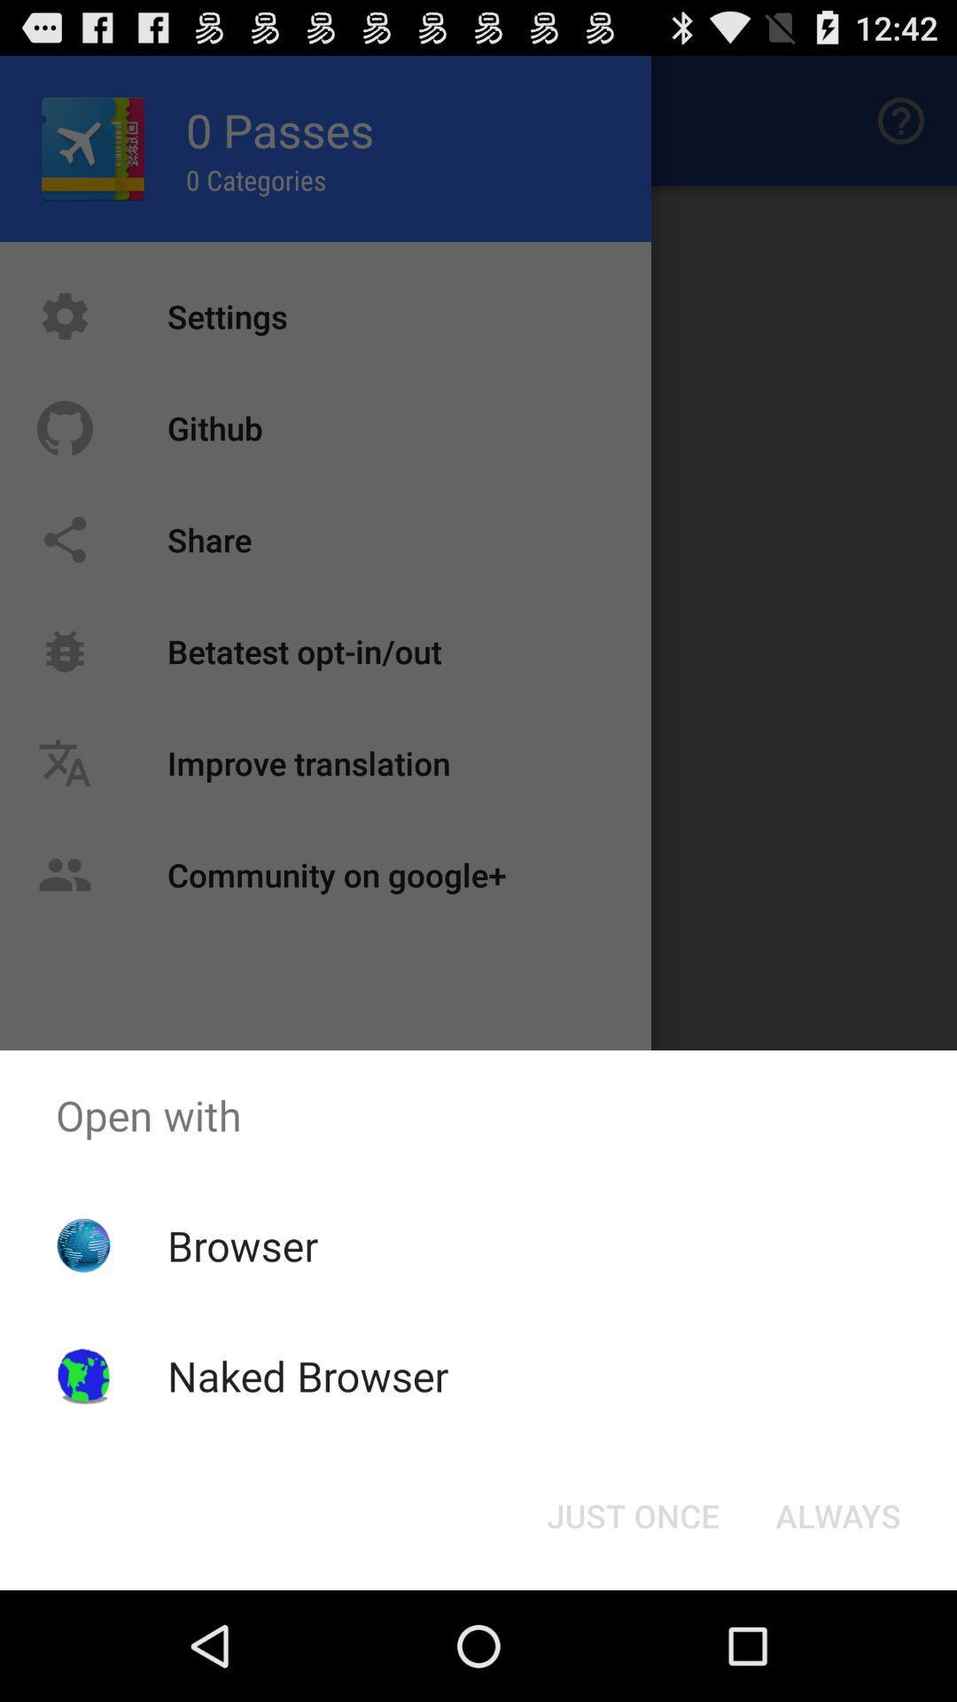 This screenshot has height=1702, width=957. Describe the element at coordinates (837, 1514) in the screenshot. I see `always icon` at that location.